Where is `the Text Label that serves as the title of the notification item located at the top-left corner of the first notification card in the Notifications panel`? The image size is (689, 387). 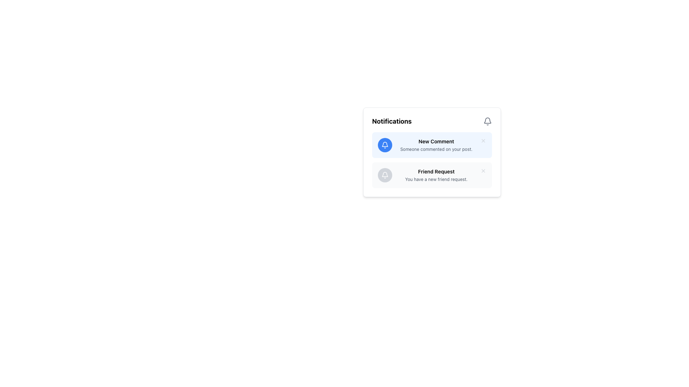
the Text Label that serves as the title of the notification item located at the top-left corner of the first notification card in the Notifications panel is located at coordinates (436, 141).